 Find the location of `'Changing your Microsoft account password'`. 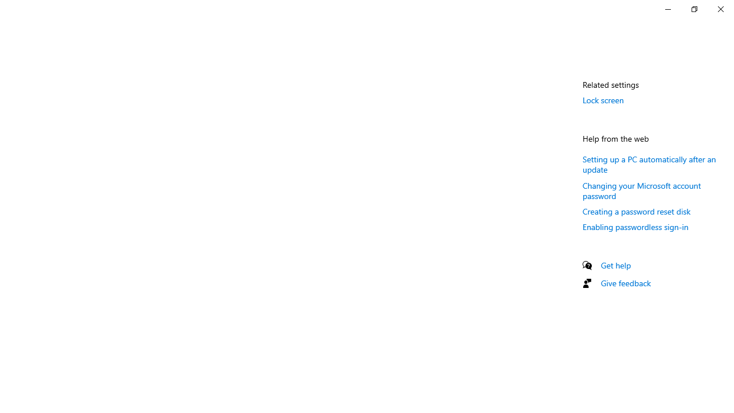

'Changing your Microsoft account password' is located at coordinates (641, 190).